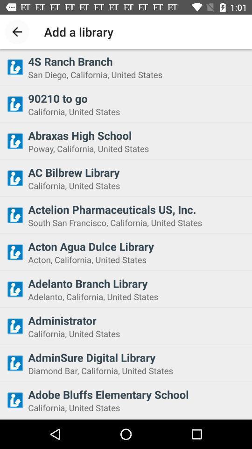 Image resolution: width=252 pixels, height=449 pixels. What do you see at coordinates (137, 357) in the screenshot?
I see `icon below california, united states` at bounding box center [137, 357].